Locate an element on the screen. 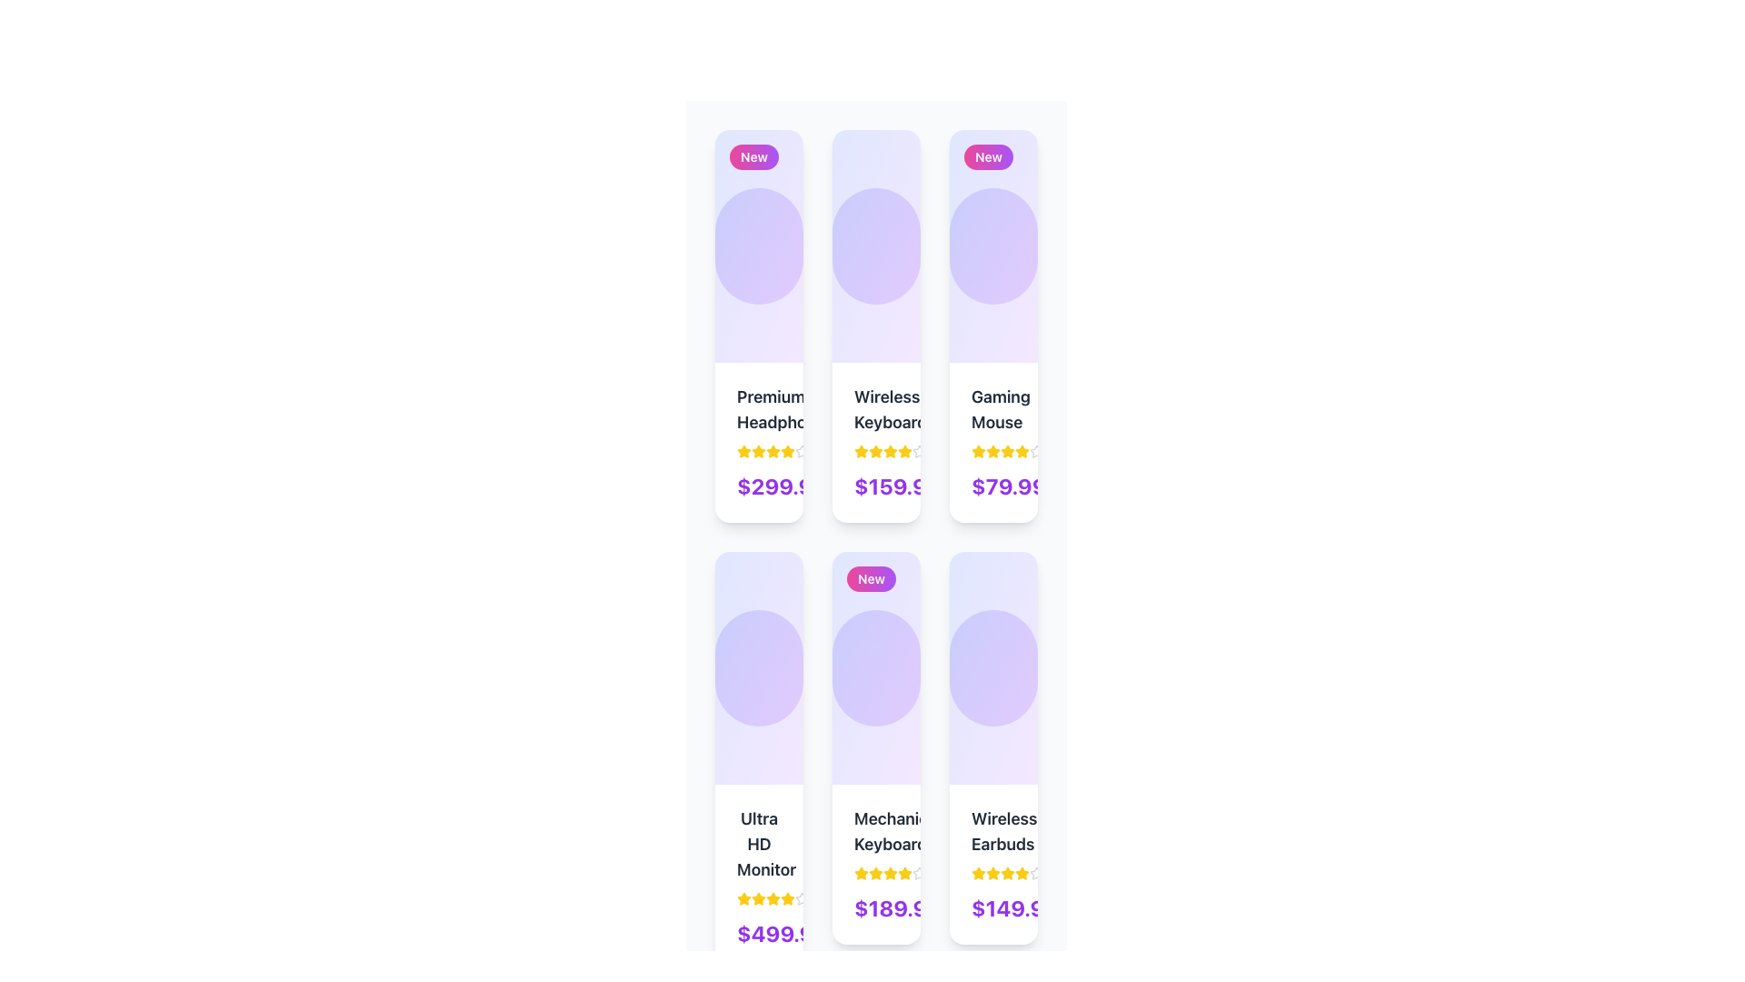 Image resolution: width=1745 pixels, height=982 pixels. the fourth star icon in the rating system for the 'Premium Headphone' product card to visually indicate a 4-star rating is located at coordinates (759, 450).